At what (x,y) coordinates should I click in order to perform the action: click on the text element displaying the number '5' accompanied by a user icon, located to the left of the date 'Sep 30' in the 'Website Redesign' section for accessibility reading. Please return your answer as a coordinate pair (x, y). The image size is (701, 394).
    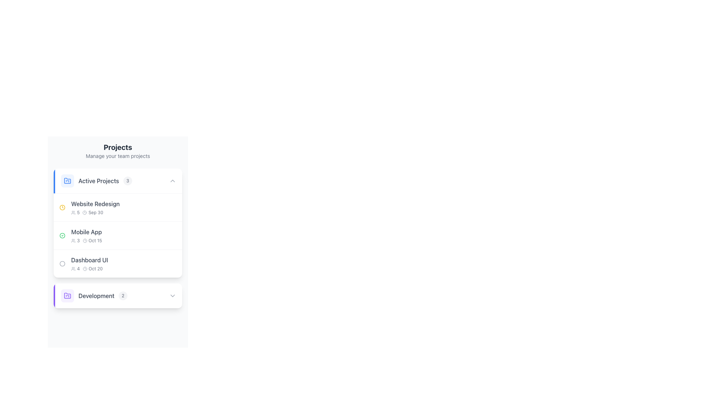
    Looking at the image, I should click on (75, 212).